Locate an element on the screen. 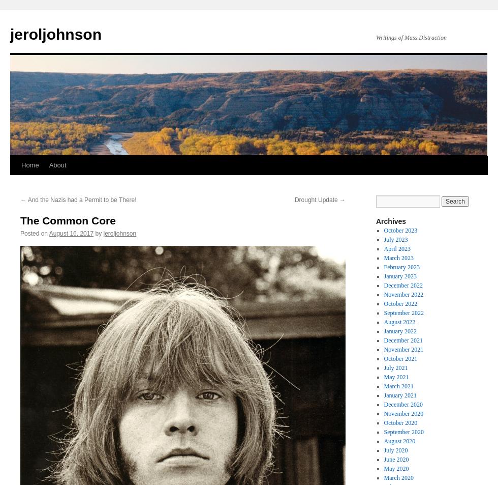 The image size is (498, 485). 'January 2021' is located at coordinates (400, 395).